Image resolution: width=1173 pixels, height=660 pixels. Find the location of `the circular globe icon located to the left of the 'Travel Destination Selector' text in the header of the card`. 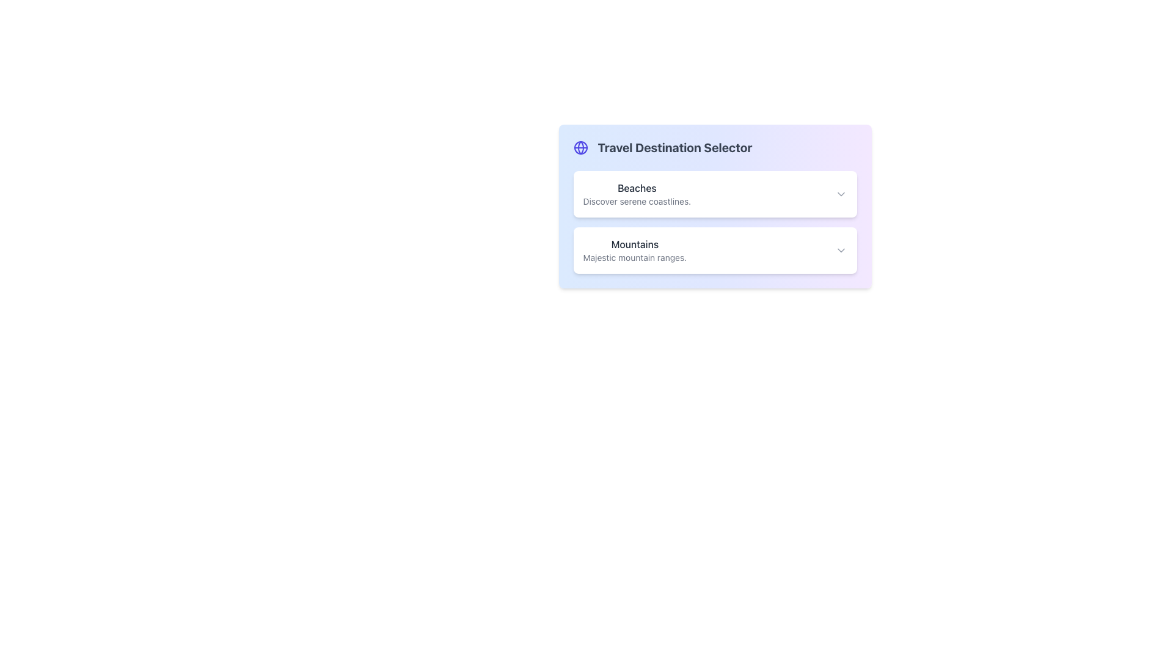

the circular globe icon located to the left of the 'Travel Destination Selector' text in the header of the card is located at coordinates (580, 147).